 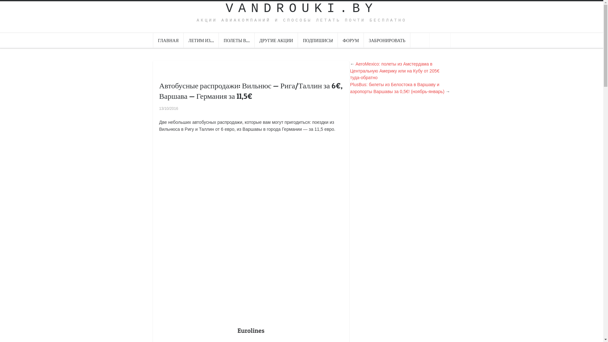 I want to click on 'VANDROUKI.BY', so click(x=301, y=9).